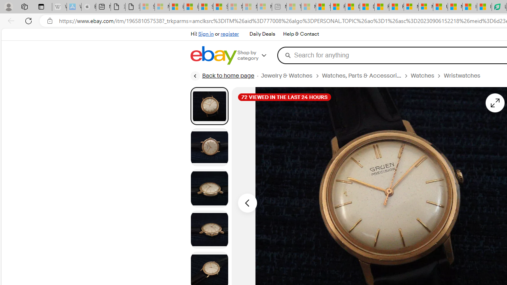 The width and height of the screenshot is (507, 285). What do you see at coordinates (257, 55) in the screenshot?
I see `'Shop by category'` at bounding box center [257, 55].